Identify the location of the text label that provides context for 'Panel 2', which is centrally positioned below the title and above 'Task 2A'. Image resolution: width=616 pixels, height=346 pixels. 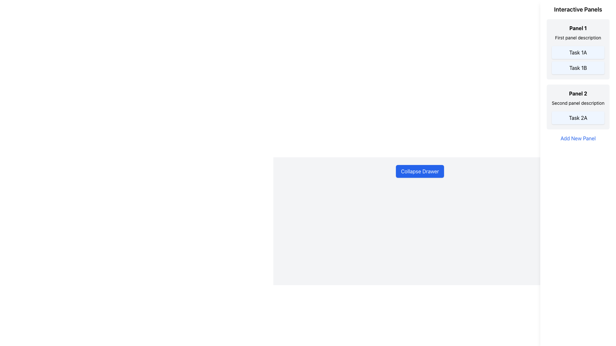
(578, 103).